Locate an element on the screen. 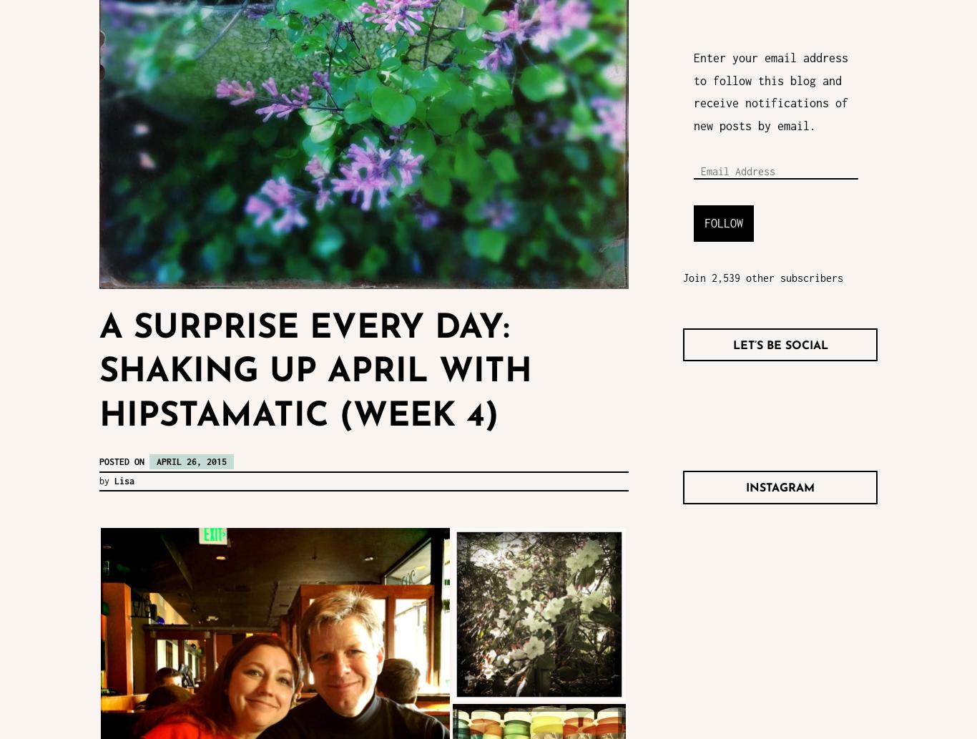 This screenshot has width=977, height=739. 'Posted on' is located at coordinates (99, 461).